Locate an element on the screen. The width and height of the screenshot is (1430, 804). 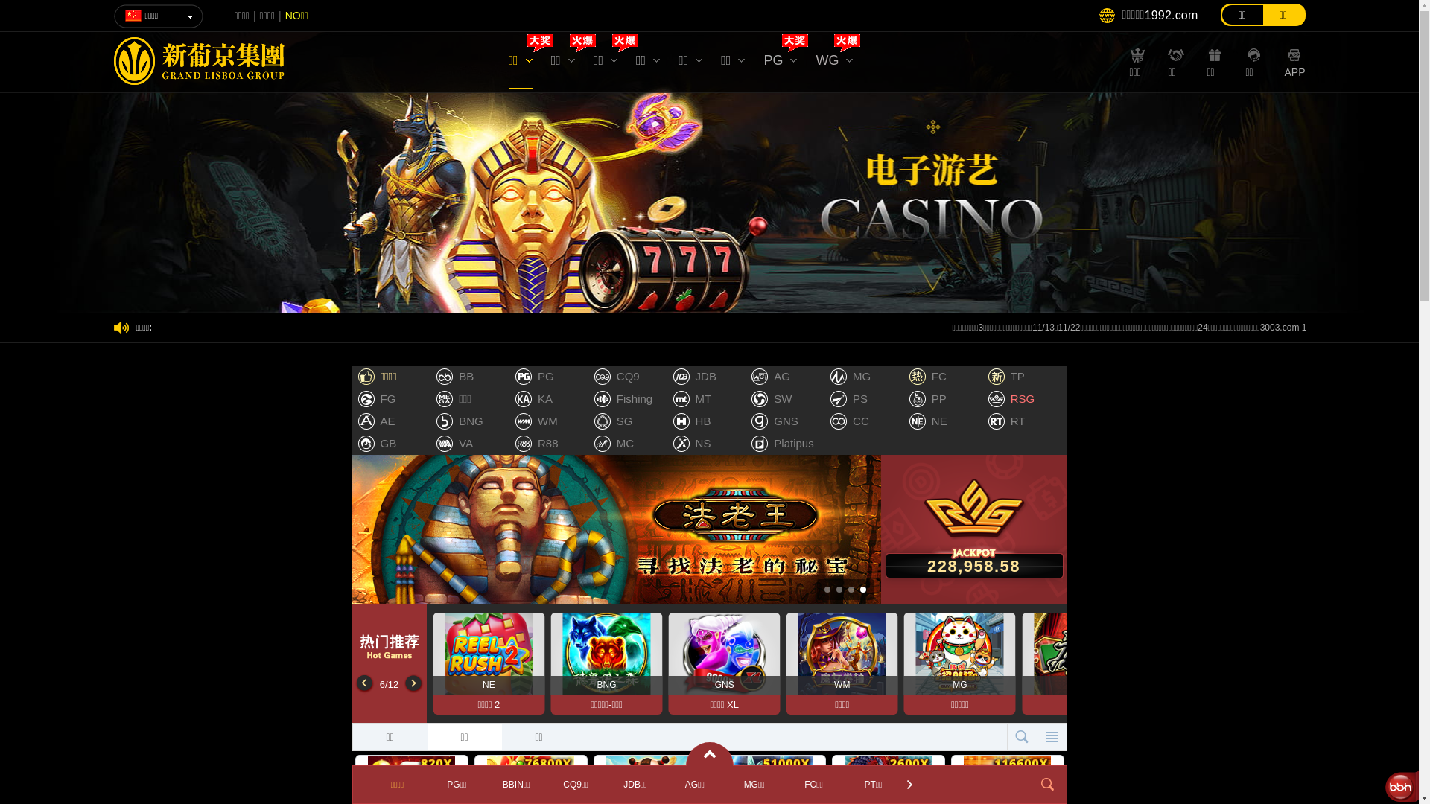
'PG' is located at coordinates (779, 63).